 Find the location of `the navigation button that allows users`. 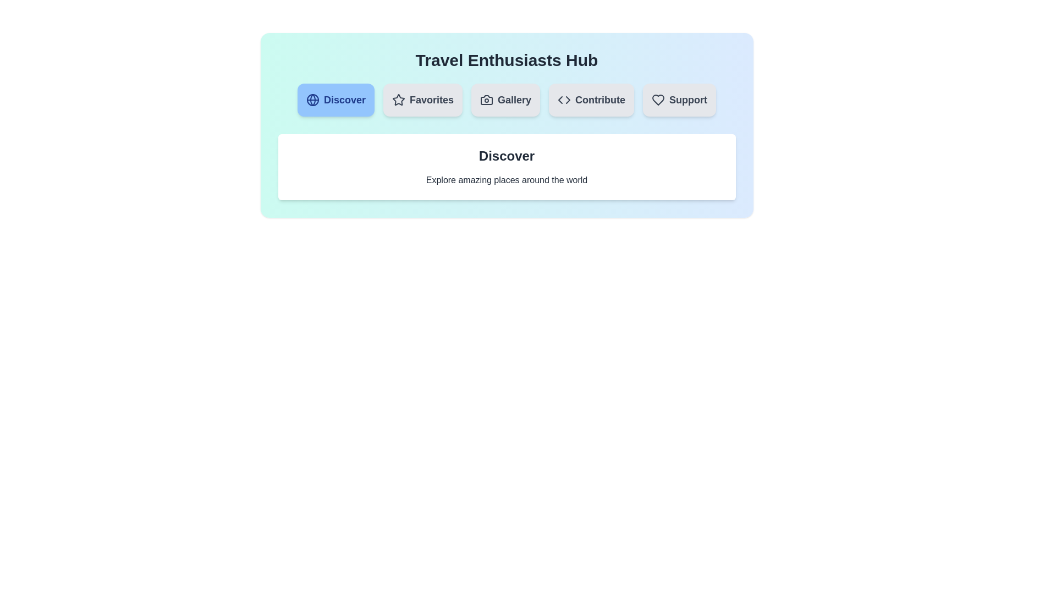

the navigation button that allows users is located at coordinates (422, 100).